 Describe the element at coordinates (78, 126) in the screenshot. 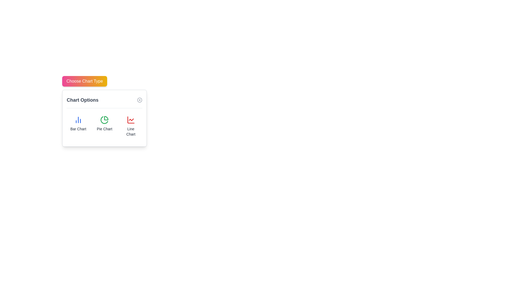

I see `the 'Bar Chart' button, which is the first selectable item in the 'Chart Options' grid and features a blue bar chart icon and 'Bar Chart' label` at that location.